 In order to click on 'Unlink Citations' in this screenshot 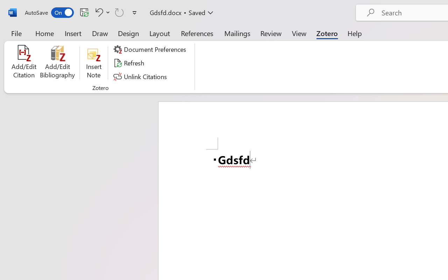, I will do `click(141, 76)`.